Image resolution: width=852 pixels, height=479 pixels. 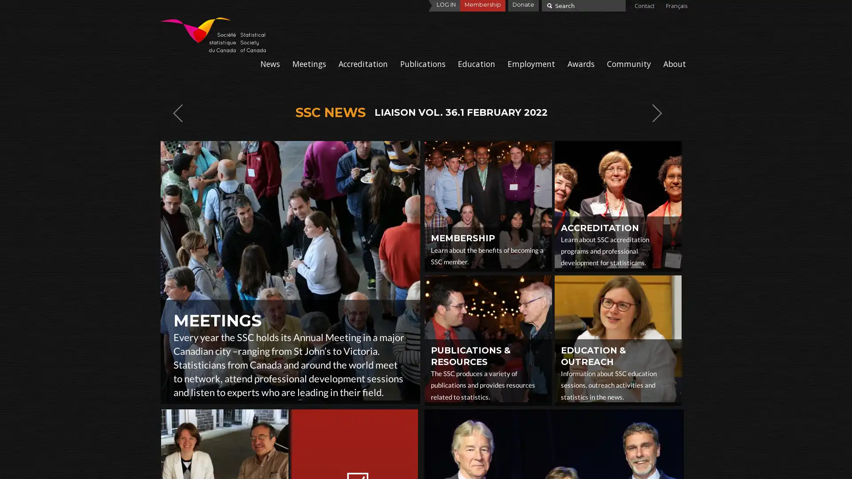 I want to click on Search, so click(x=548, y=5).